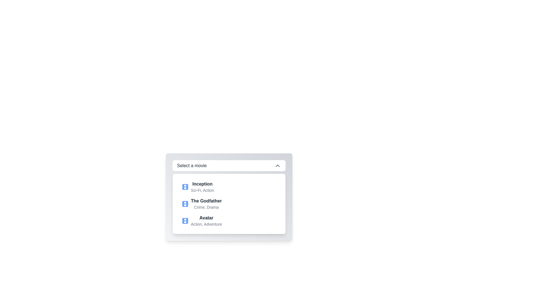 The image size is (543, 305). What do you see at coordinates (278, 165) in the screenshot?
I see `the chevron-up icon, which is a minimalistic triangular arrow pointing upwards, located on the right-hand side of the 'Select a movie' bar` at bounding box center [278, 165].